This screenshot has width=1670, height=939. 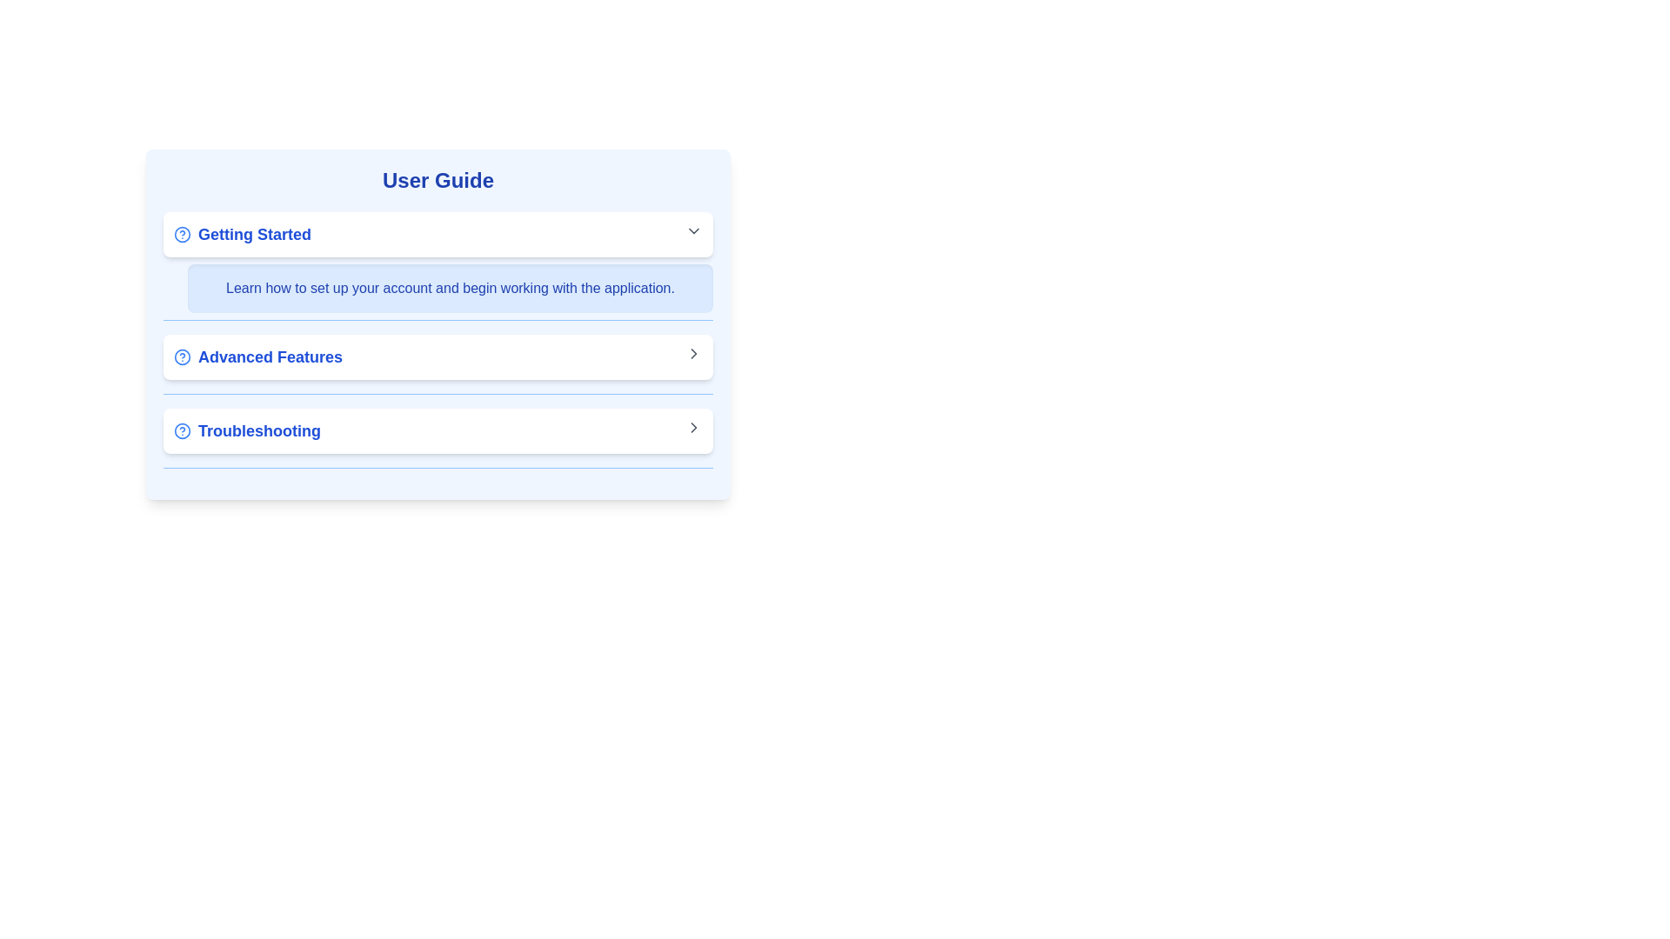 I want to click on the help icon located to the left of the 'Getting Started' header in the user guide section, so click(x=183, y=235).